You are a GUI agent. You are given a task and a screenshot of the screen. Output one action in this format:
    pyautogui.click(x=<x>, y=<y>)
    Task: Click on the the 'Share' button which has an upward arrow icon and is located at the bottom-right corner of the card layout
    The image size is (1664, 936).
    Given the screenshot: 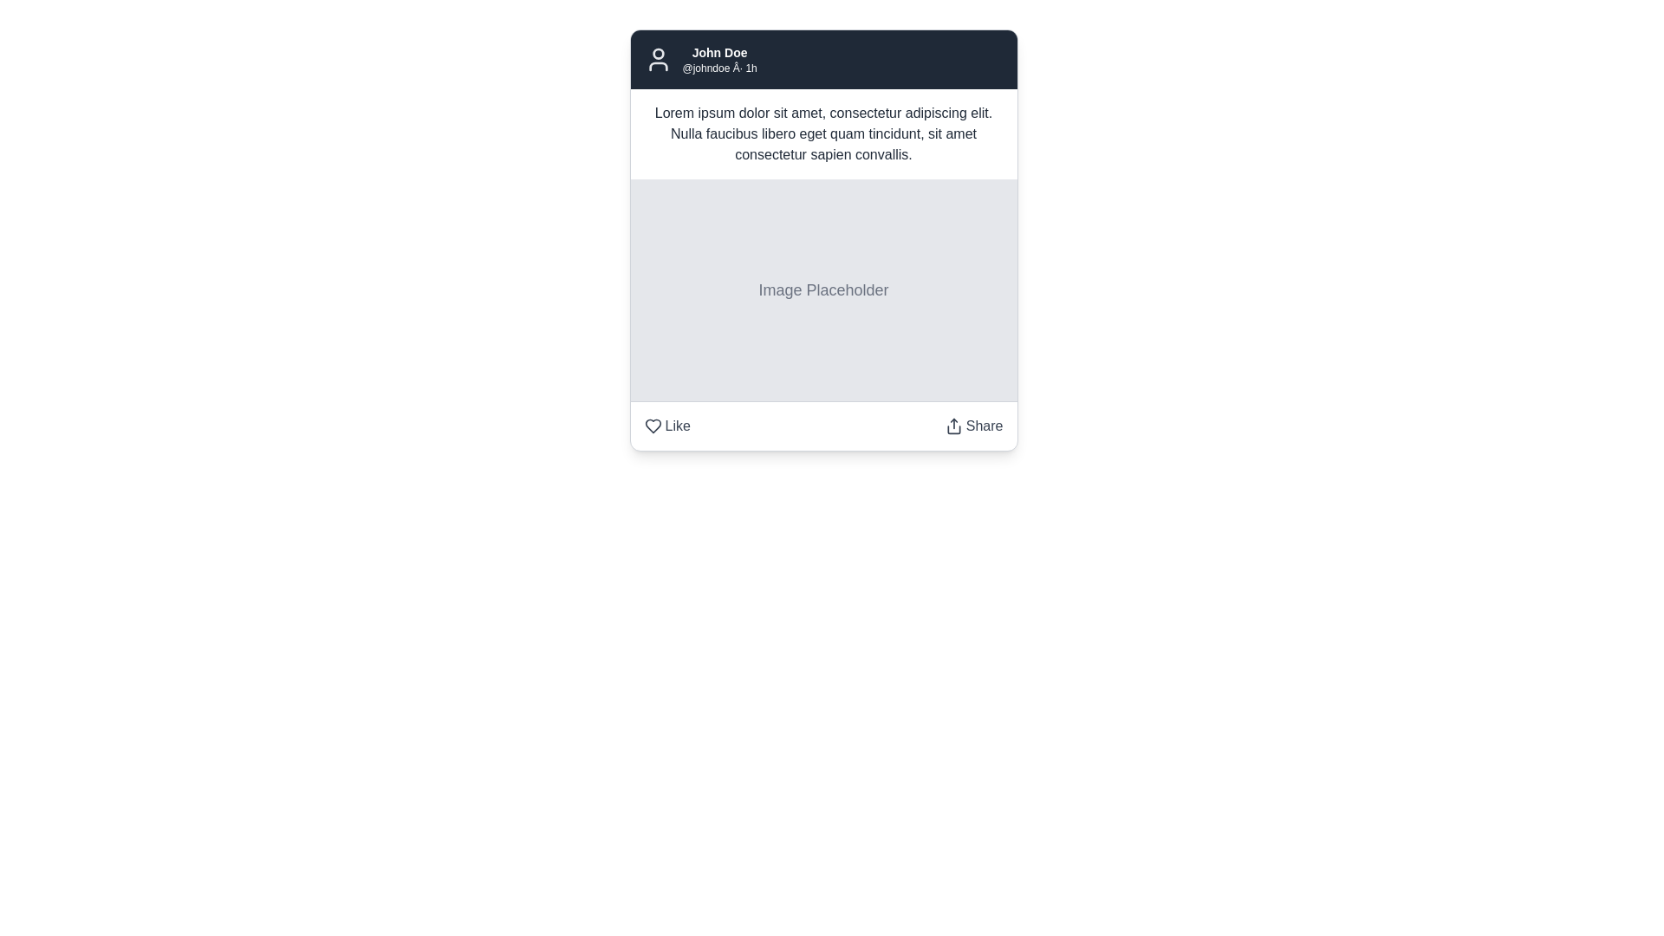 What is the action you would take?
    pyautogui.click(x=974, y=426)
    